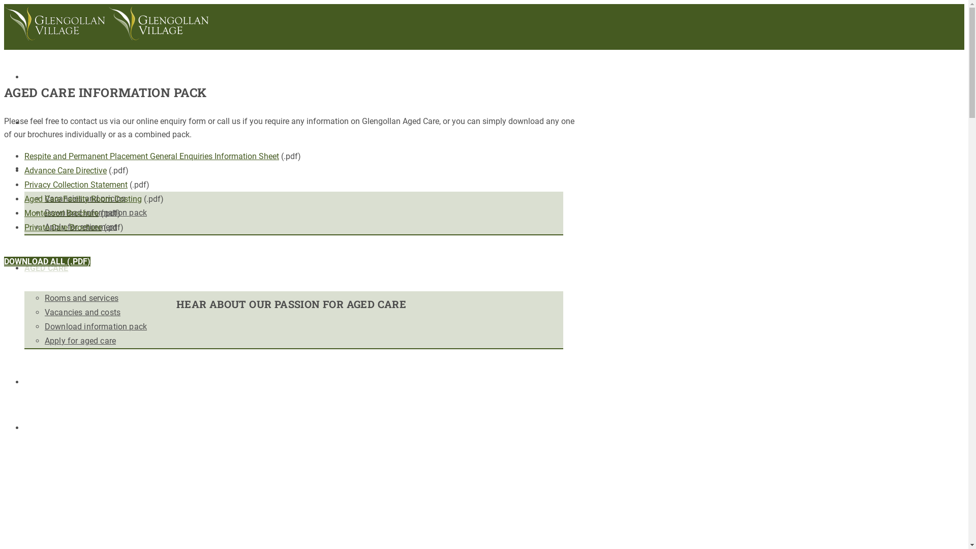  Describe the element at coordinates (82, 312) in the screenshot. I see `'Vacancies and costs'` at that location.